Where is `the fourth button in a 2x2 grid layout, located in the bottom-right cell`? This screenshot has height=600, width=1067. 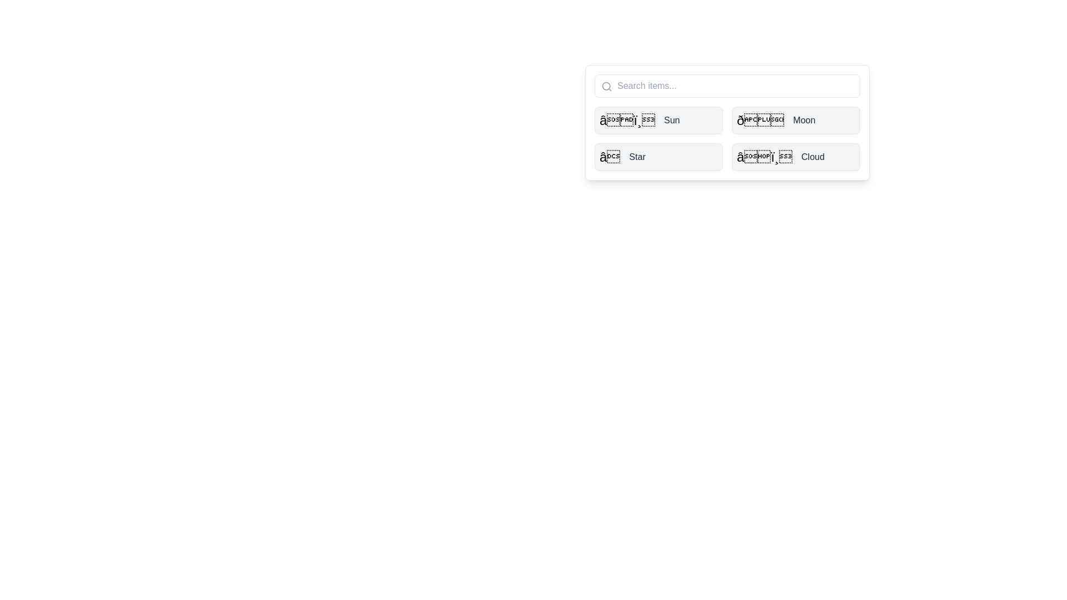
the fourth button in a 2x2 grid layout, located in the bottom-right cell is located at coordinates (795, 157).